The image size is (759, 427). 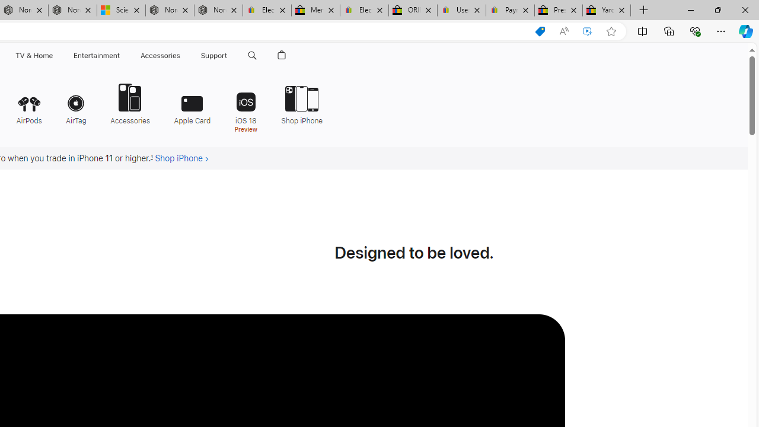 What do you see at coordinates (214, 55) in the screenshot?
I see `'Support'` at bounding box center [214, 55].